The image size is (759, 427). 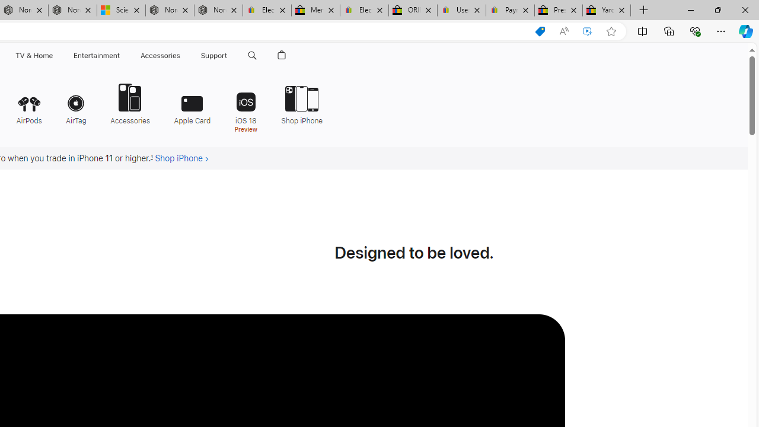 What do you see at coordinates (214, 55) in the screenshot?
I see `'Support'` at bounding box center [214, 55].